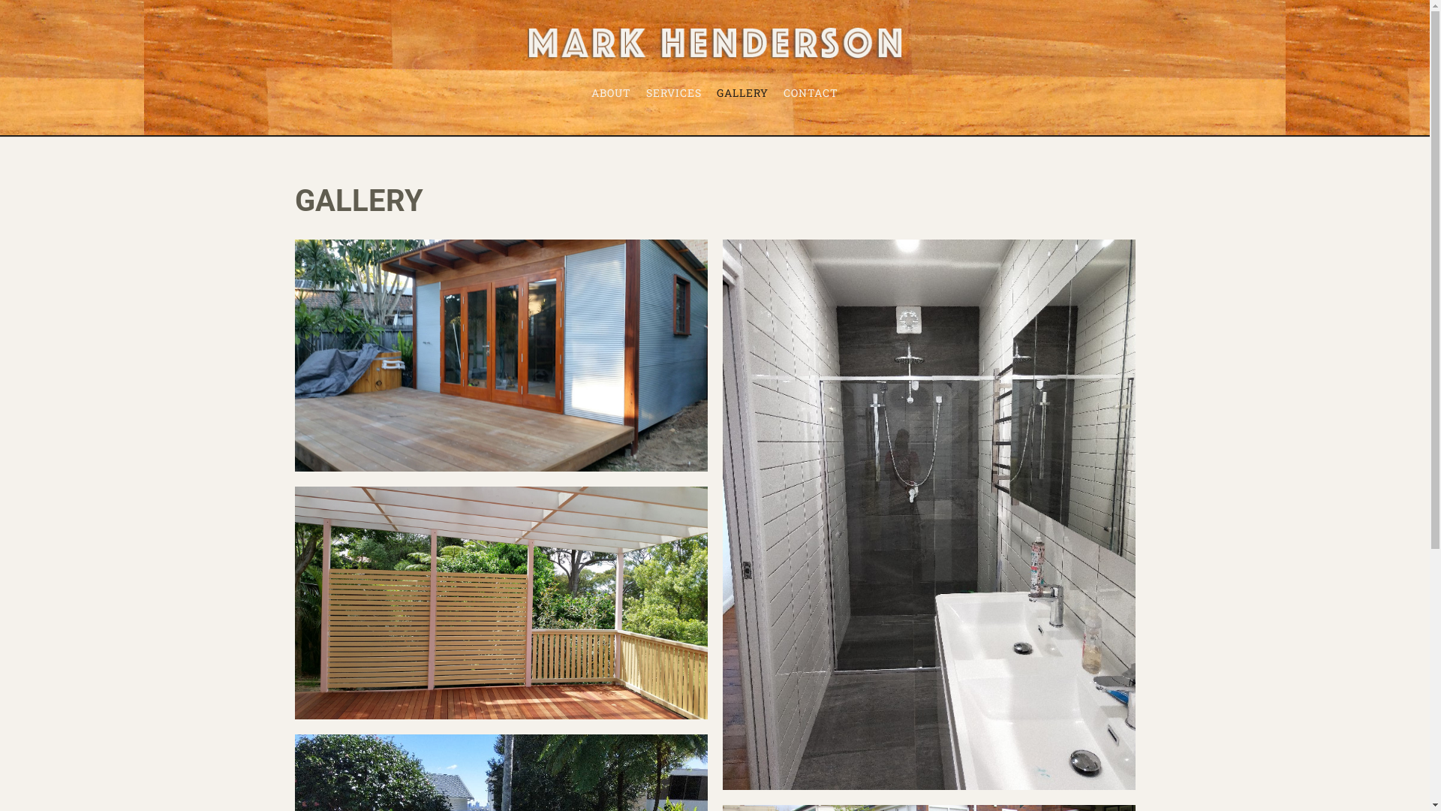 The width and height of the screenshot is (1441, 811). I want to click on 'GALLERY', so click(742, 92).